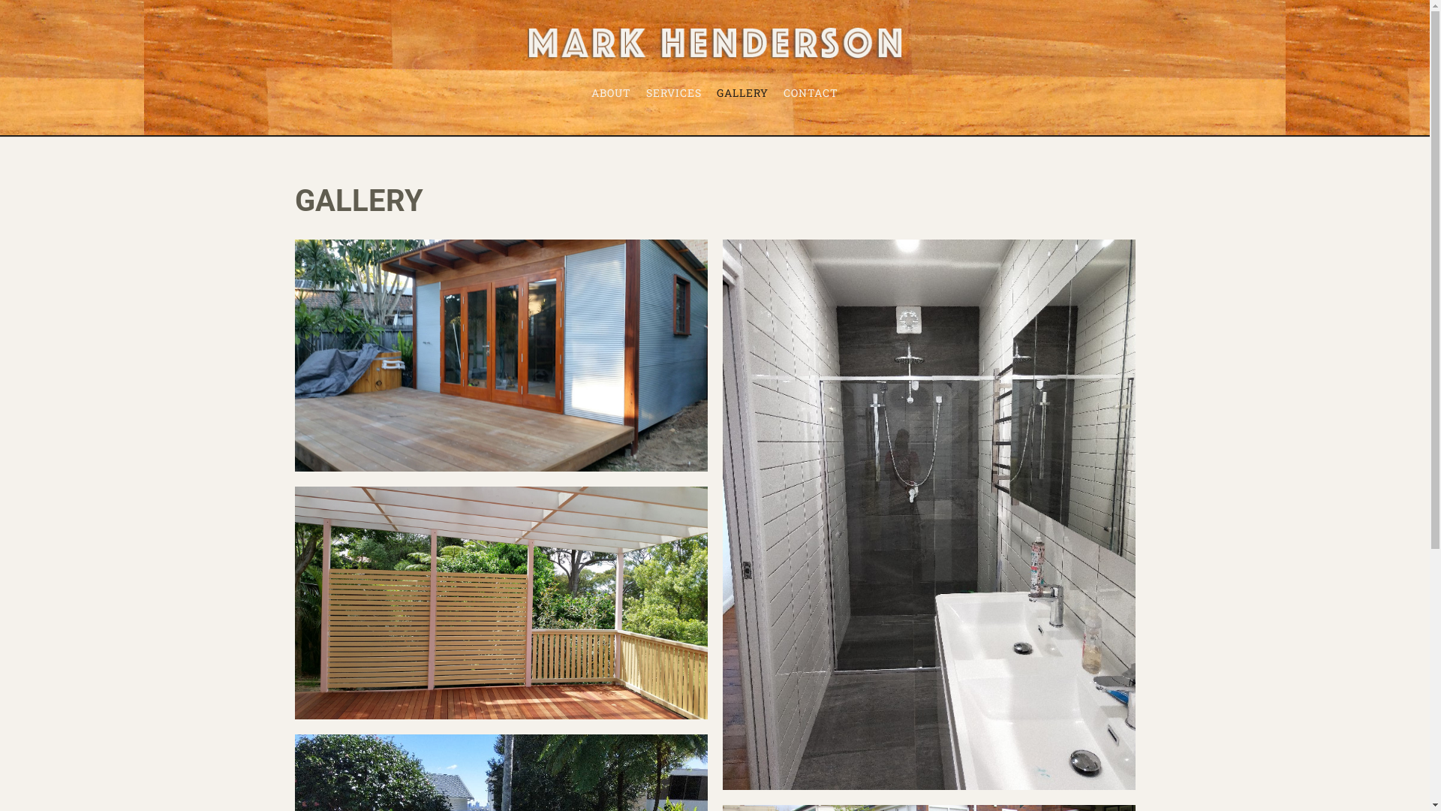 The width and height of the screenshot is (1441, 811). I want to click on 'GALLERY', so click(742, 92).